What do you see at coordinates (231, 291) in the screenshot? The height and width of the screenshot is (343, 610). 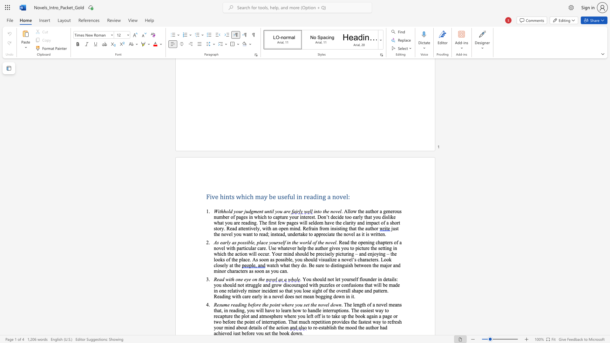 I see `the subset text "latively min" within the text "relatively minor"` at bounding box center [231, 291].